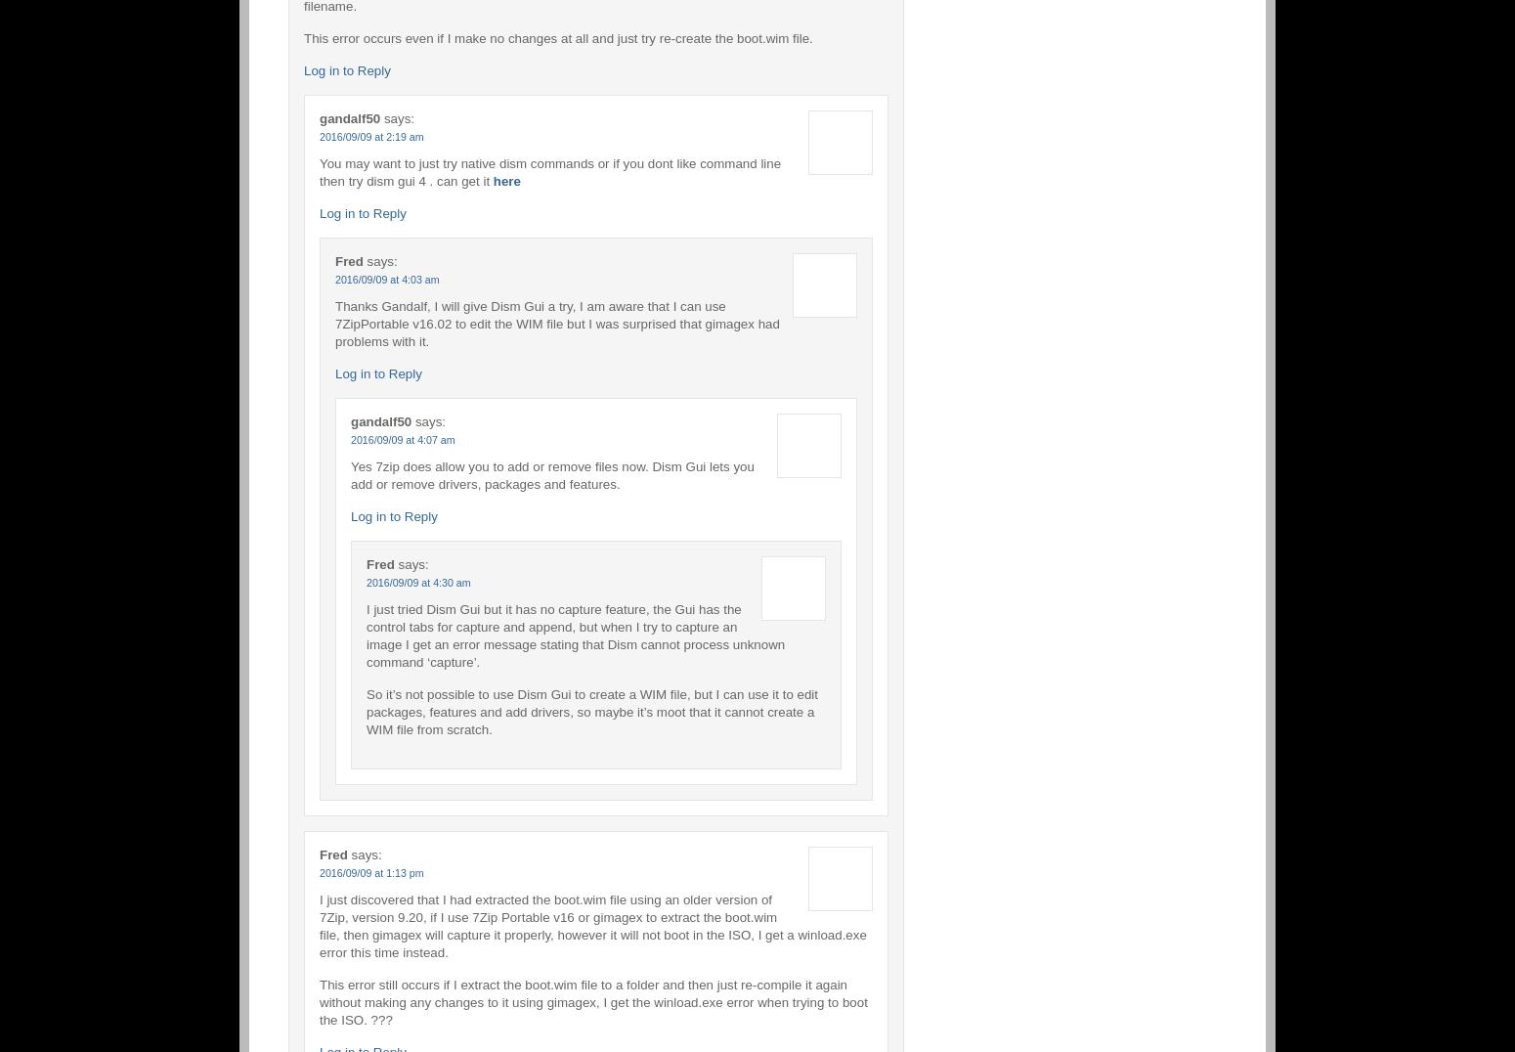 The height and width of the screenshot is (1052, 1515). Describe the element at coordinates (492, 179) in the screenshot. I see `'here'` at that location.